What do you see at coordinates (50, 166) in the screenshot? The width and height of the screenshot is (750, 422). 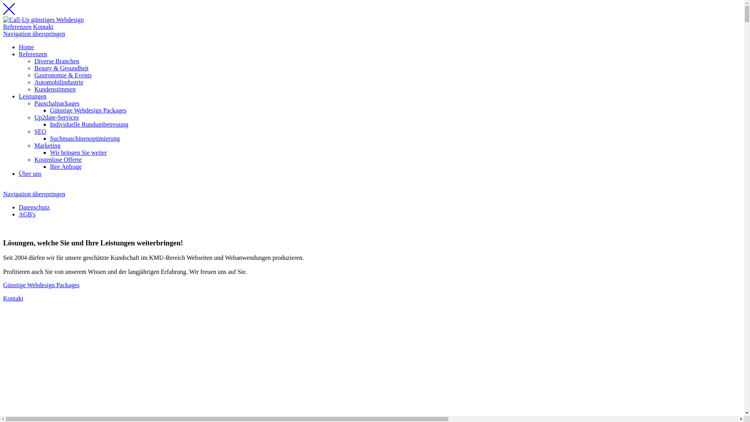 I see `'Ihre Anfrage'` at bounding box center [50, 166].